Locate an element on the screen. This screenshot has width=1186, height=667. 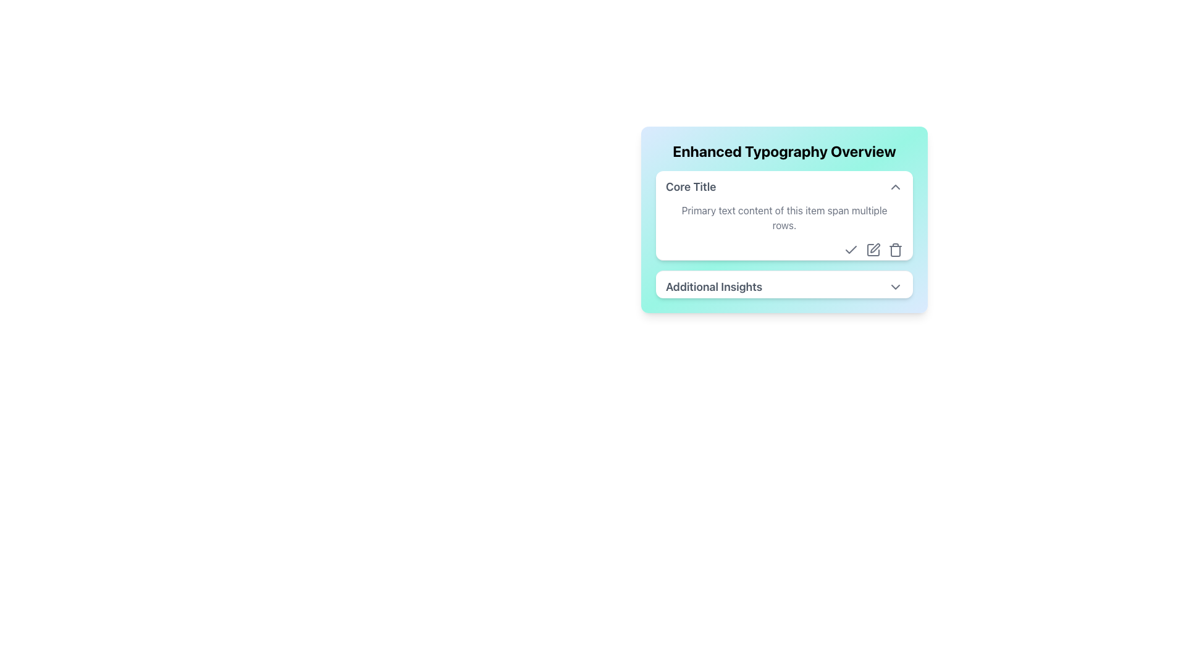
descriptive text block positioned in the middle section of the 'Enhanced Typography Overview' module, directly beneath the 'Core Title' header is located at coordinates (784, 217).